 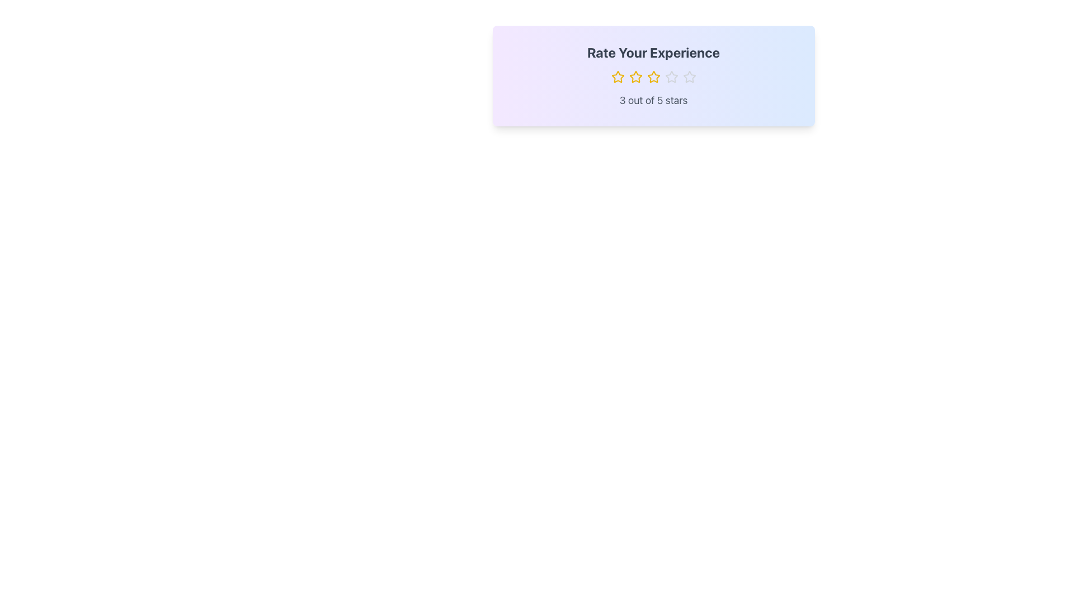 What do you see at coordinates (617, 76) in the screenshot?
I see `and release the first star icon in the five-star rating interface` at bounding box center [617, 76].